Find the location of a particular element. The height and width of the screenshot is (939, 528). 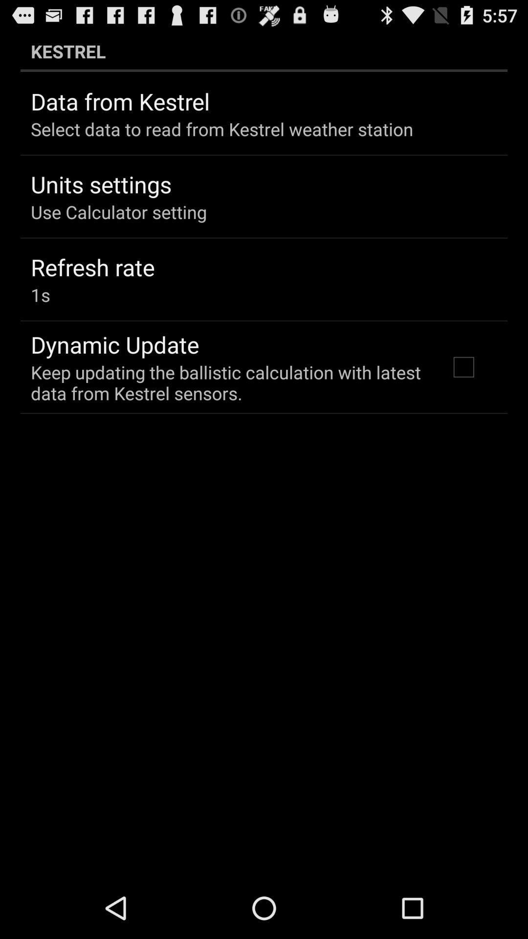

icon below the kestrel item is located at coordinates (463, 366).